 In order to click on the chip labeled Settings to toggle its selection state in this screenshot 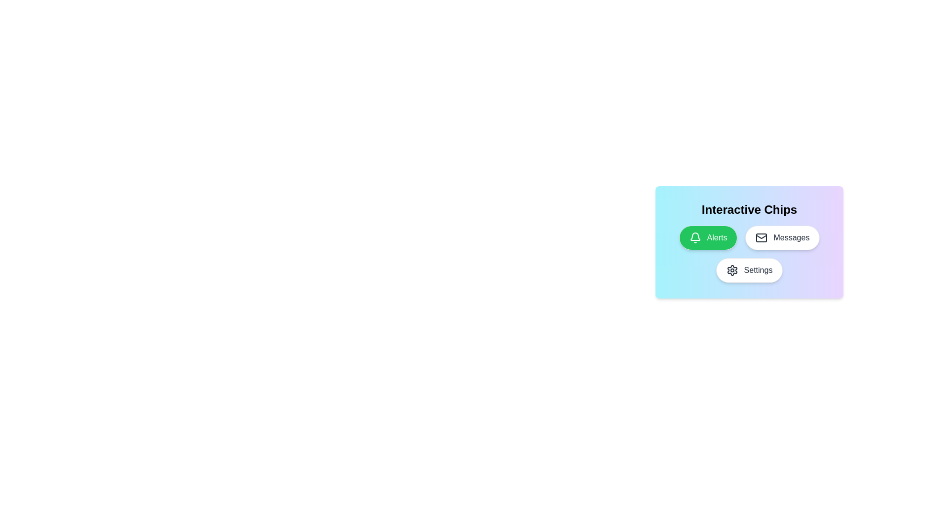, I will do `click(749, 270)`.